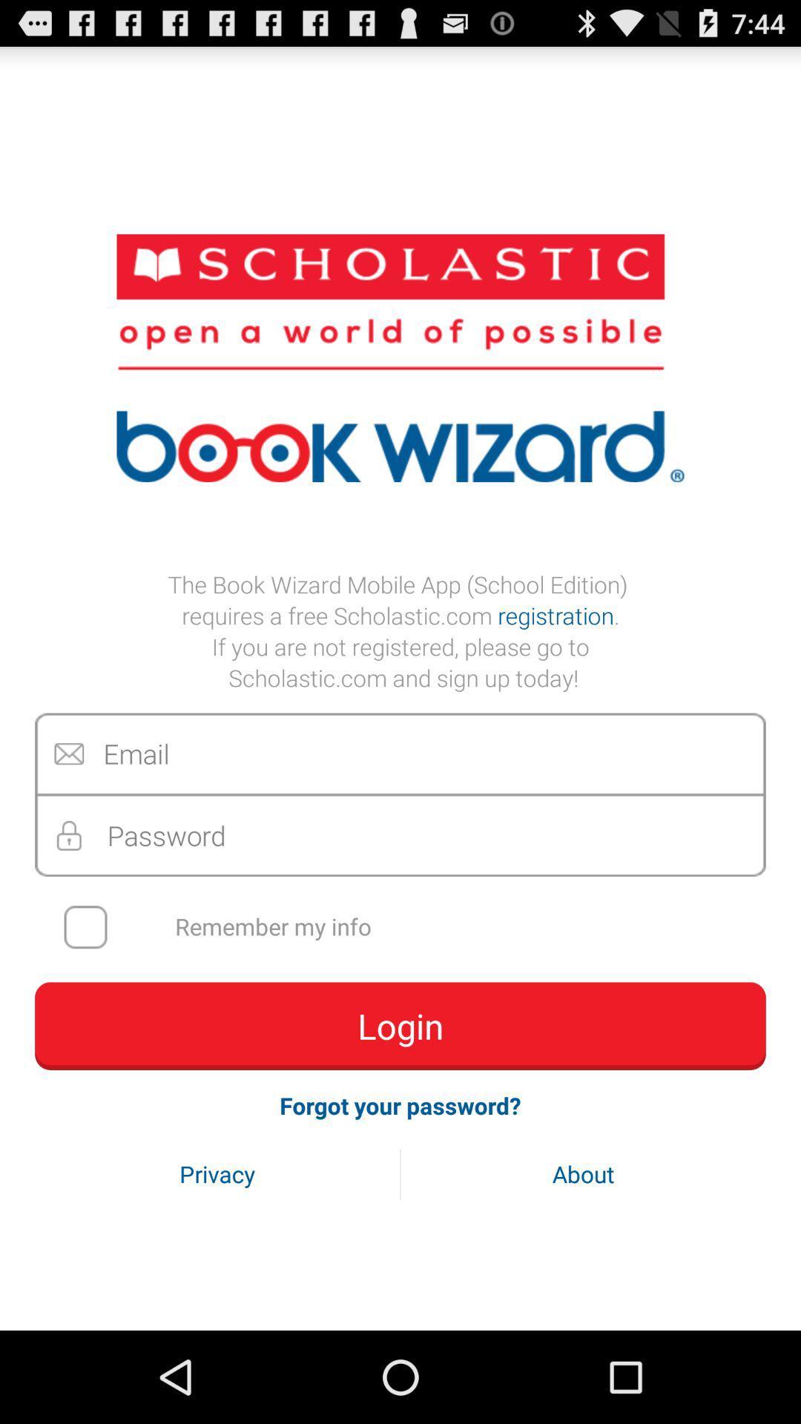 The height and width of the screenshot is (1424, 801). I want to click on item to the right of the privacy, so click(582, 1173).